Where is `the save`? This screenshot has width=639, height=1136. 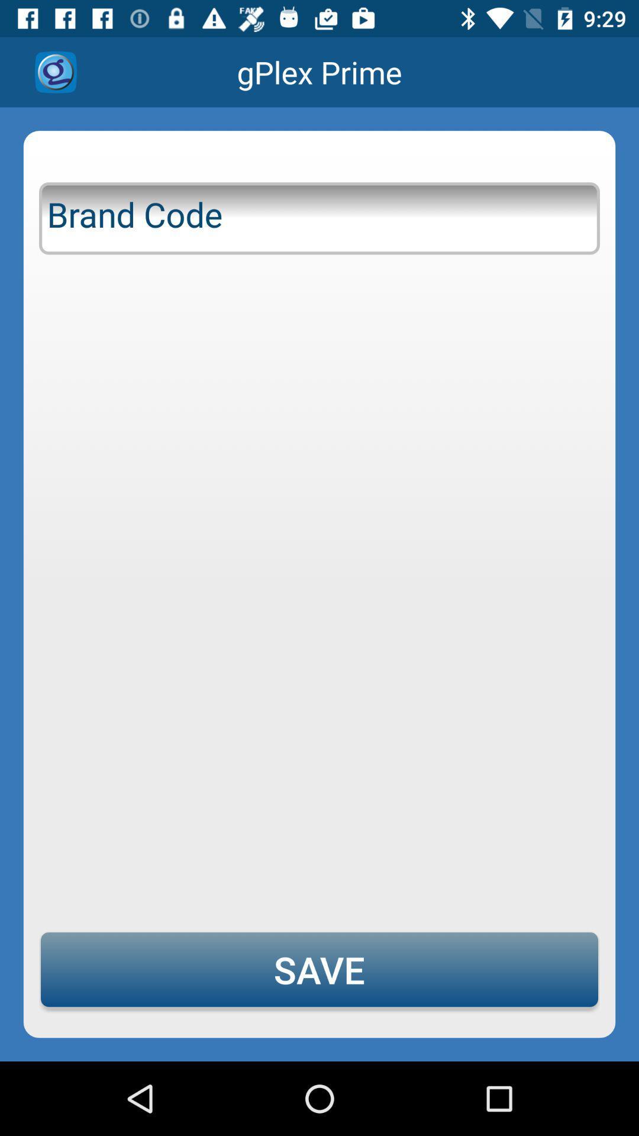
the save is located at coordinates (319, 969).